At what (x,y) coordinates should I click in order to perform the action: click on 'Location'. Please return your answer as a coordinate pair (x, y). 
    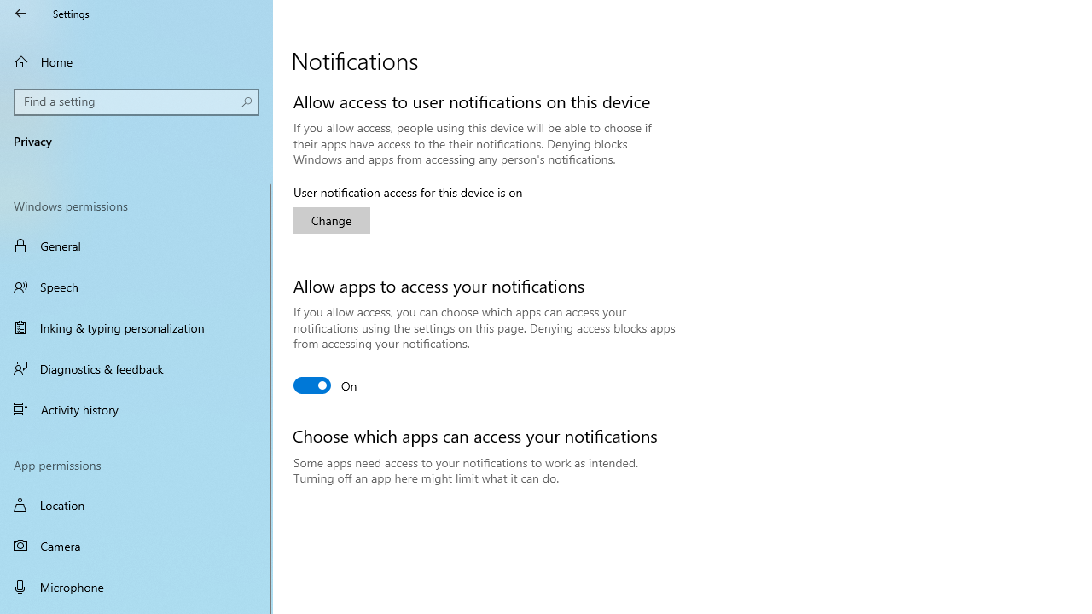
    Looking at the image, I should click on (136, 504).